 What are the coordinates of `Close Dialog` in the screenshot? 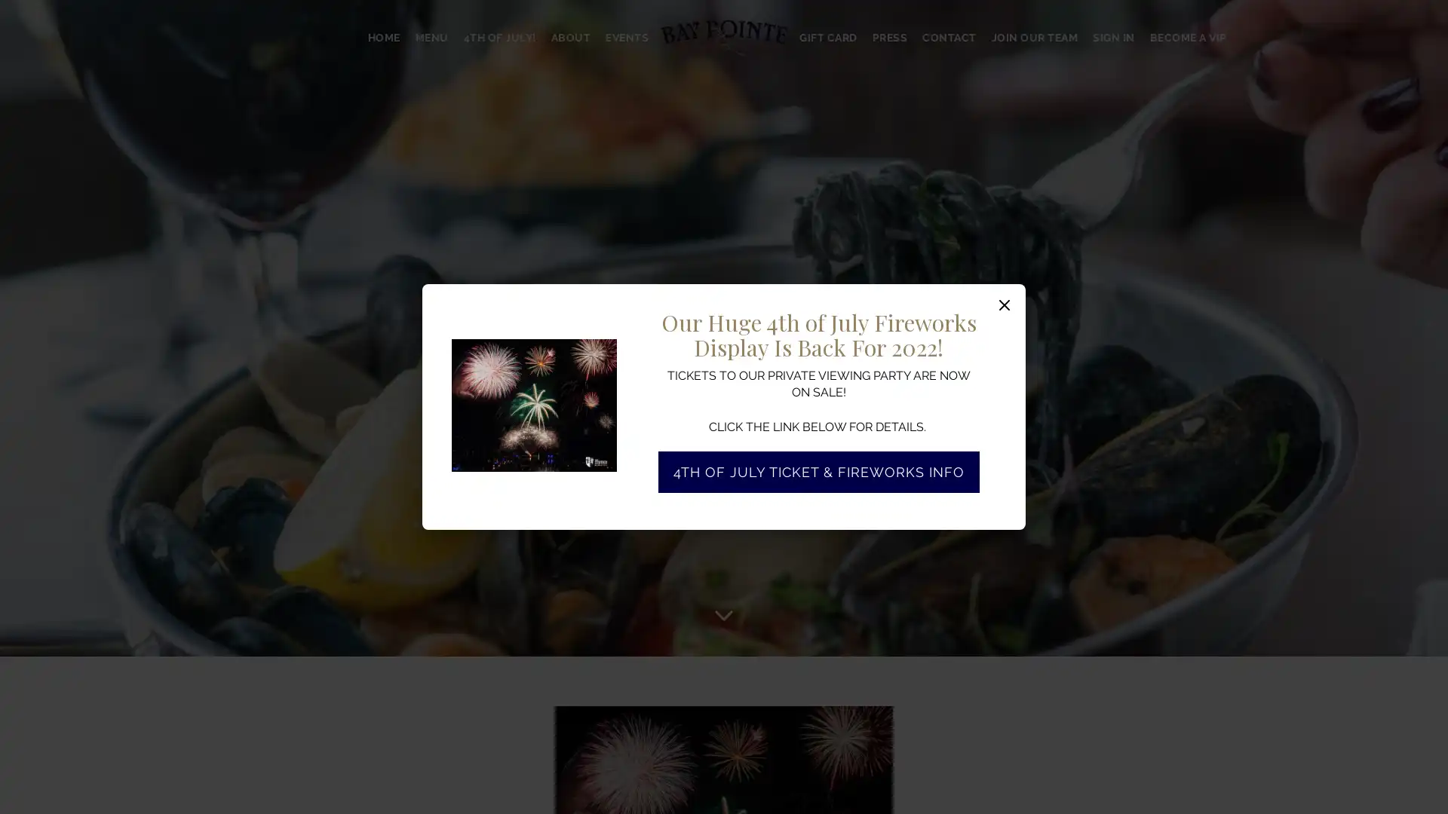 It's located at (1005, 304).